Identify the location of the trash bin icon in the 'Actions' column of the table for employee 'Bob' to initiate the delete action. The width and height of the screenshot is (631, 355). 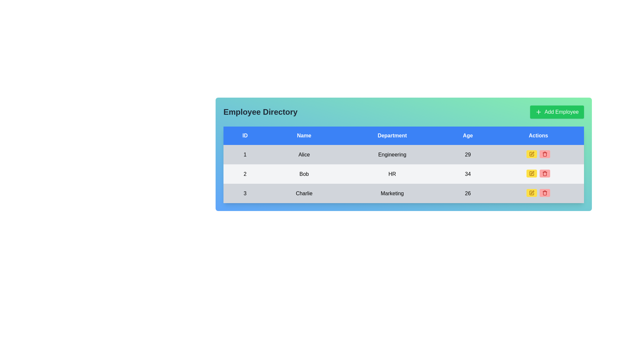
(545, 173).